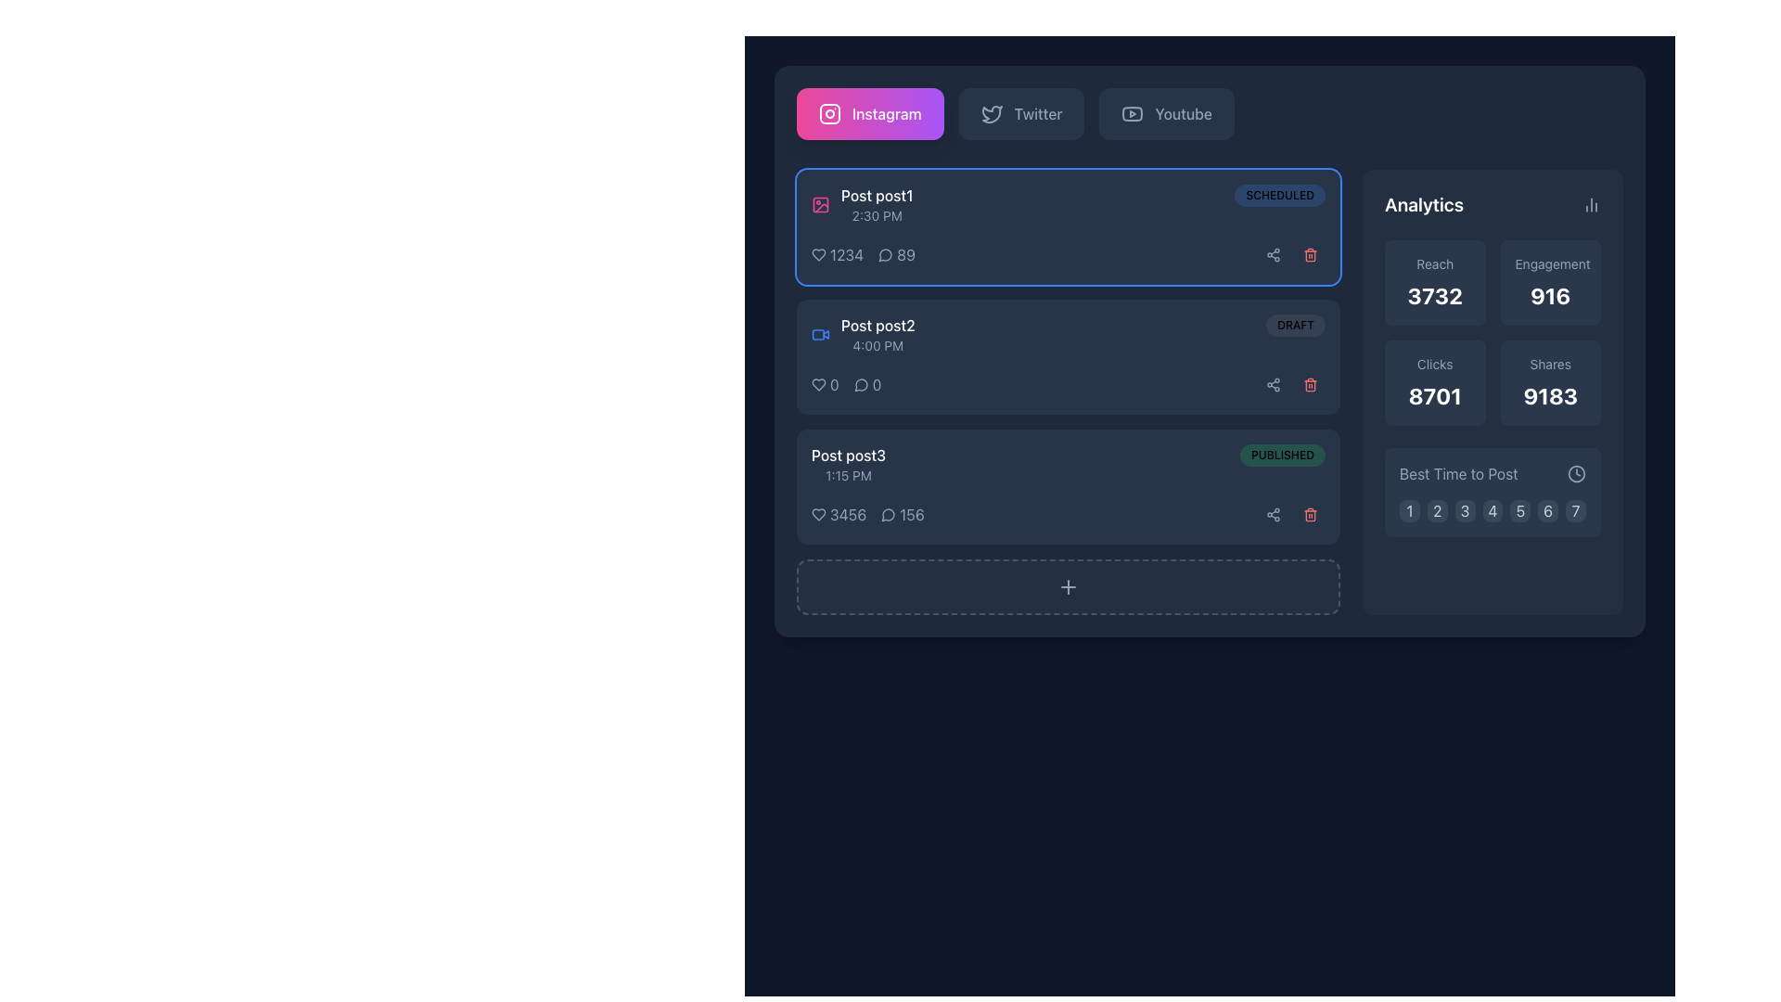  I want to click on total number of shares displayed on the Data display card located in the bottom-right position of the Analytics section, so click(1550, 381).